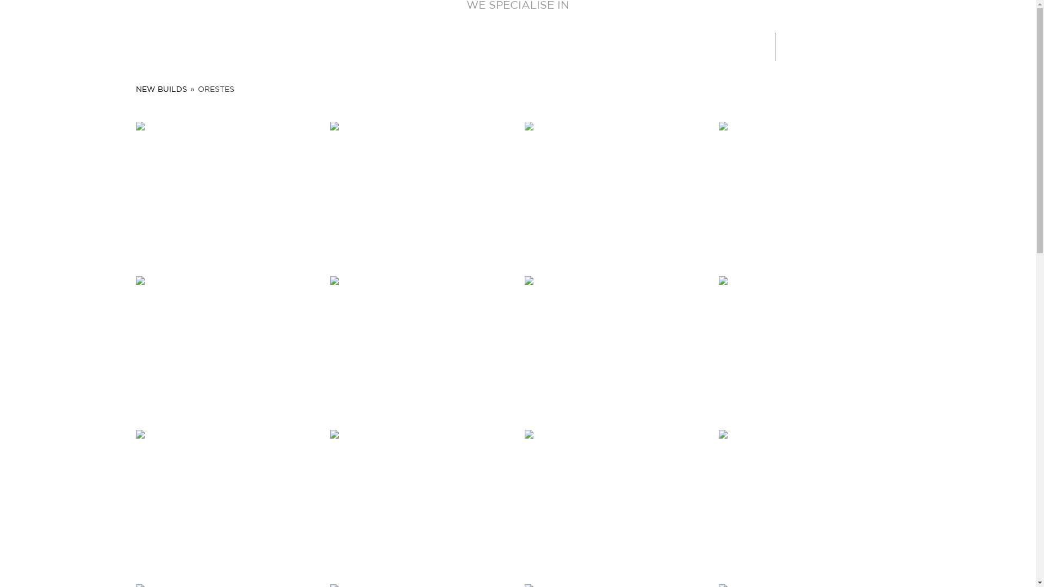 The width and height of the screenshot is (1044, 587). I want to click on 'ABOUT', so click(374, 45).